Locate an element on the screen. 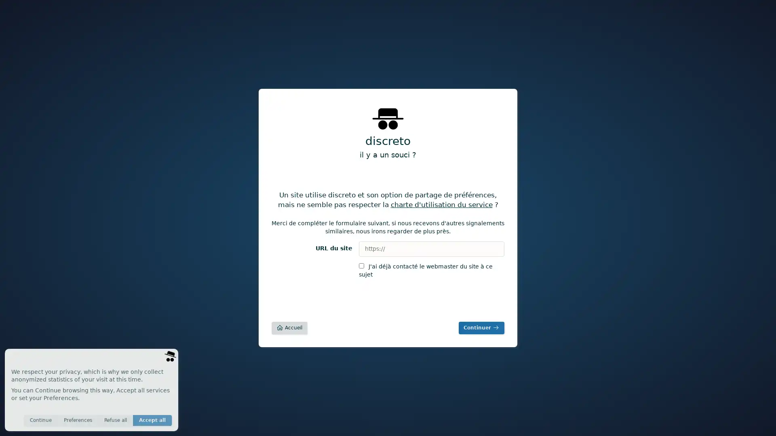 The width and height of the screenshot is (776, 436). Preferences is located at coordinates (78, 420).